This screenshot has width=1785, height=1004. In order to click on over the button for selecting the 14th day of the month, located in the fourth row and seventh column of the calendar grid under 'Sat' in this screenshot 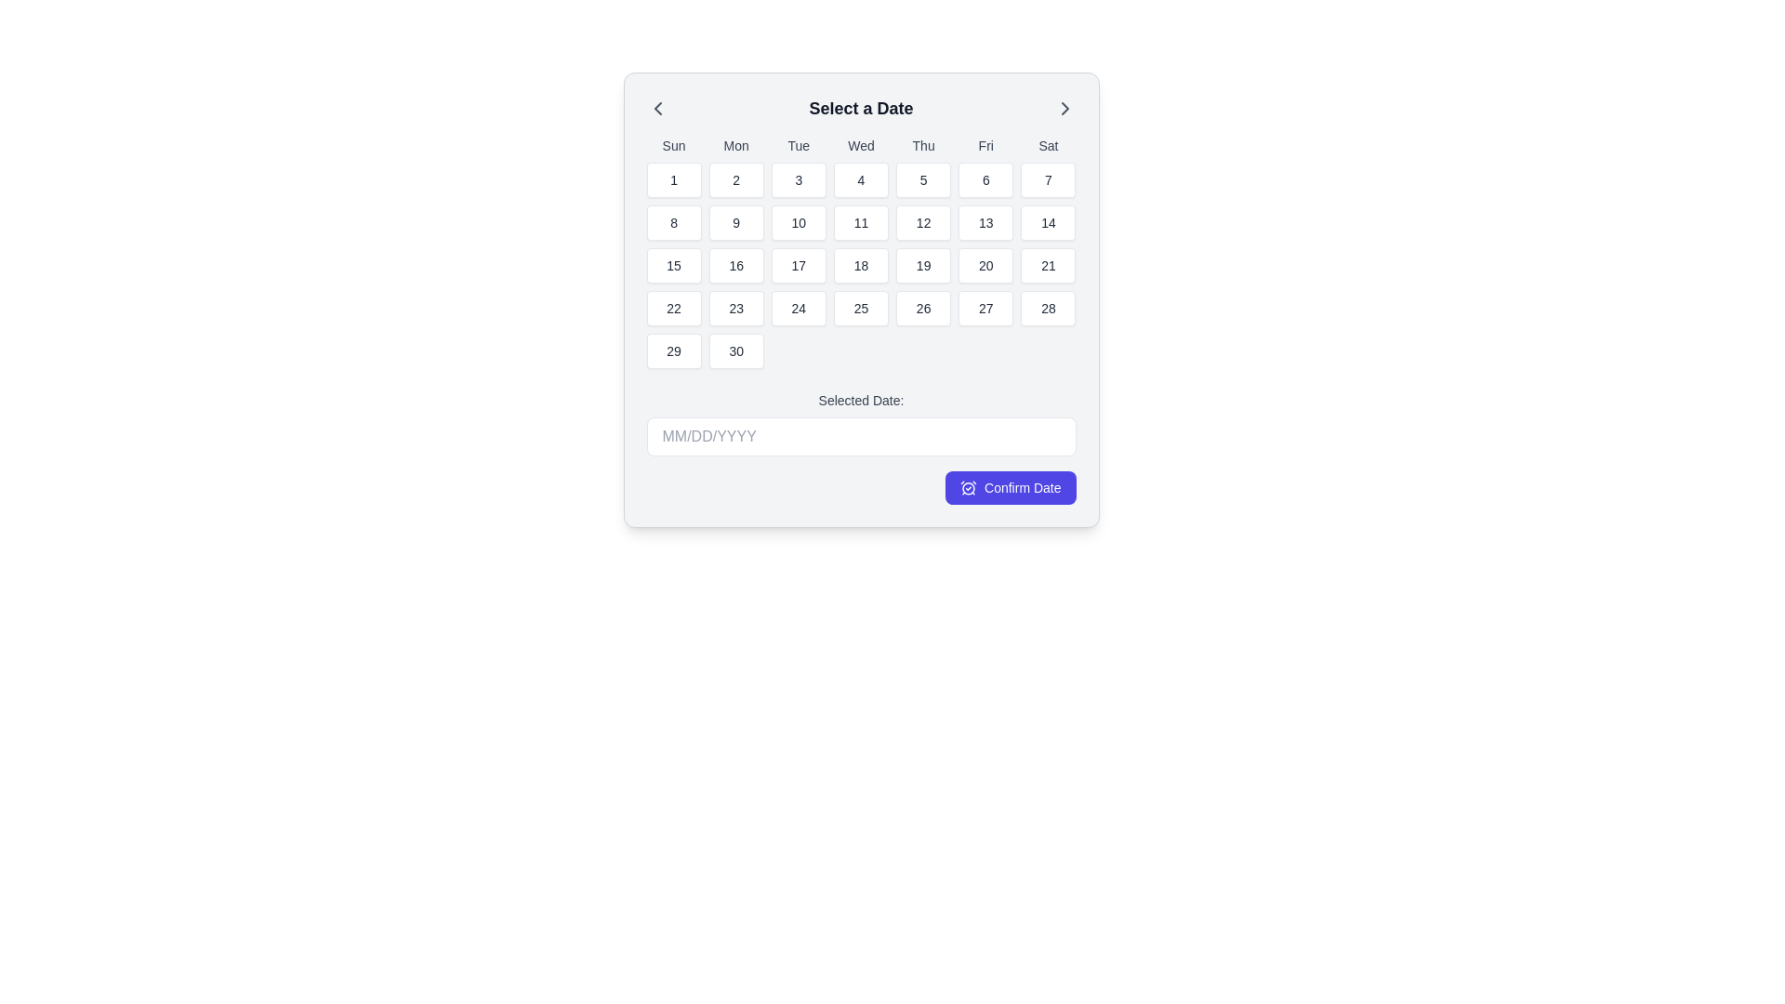, I will do `click(1049, 221)`.